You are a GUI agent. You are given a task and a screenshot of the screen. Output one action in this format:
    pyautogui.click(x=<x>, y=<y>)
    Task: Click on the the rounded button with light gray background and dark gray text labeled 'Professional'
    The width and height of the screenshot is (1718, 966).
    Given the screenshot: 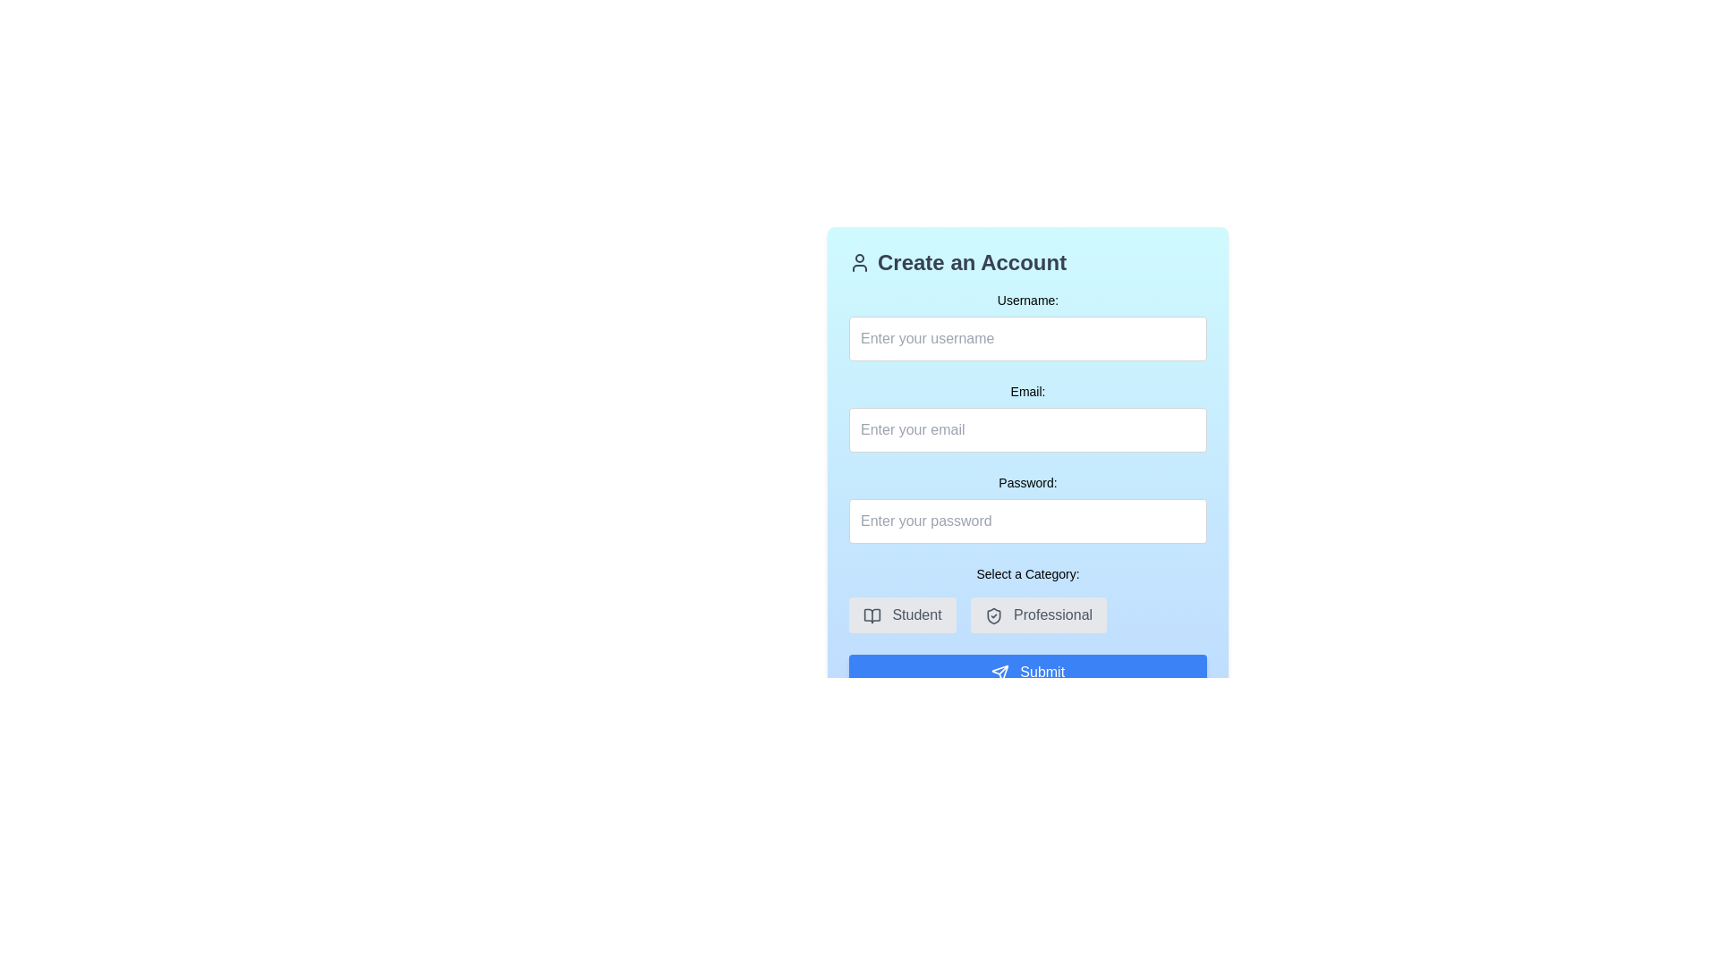 What is the action you would take?
    pyautogui.click(x=1038, y=614)
    